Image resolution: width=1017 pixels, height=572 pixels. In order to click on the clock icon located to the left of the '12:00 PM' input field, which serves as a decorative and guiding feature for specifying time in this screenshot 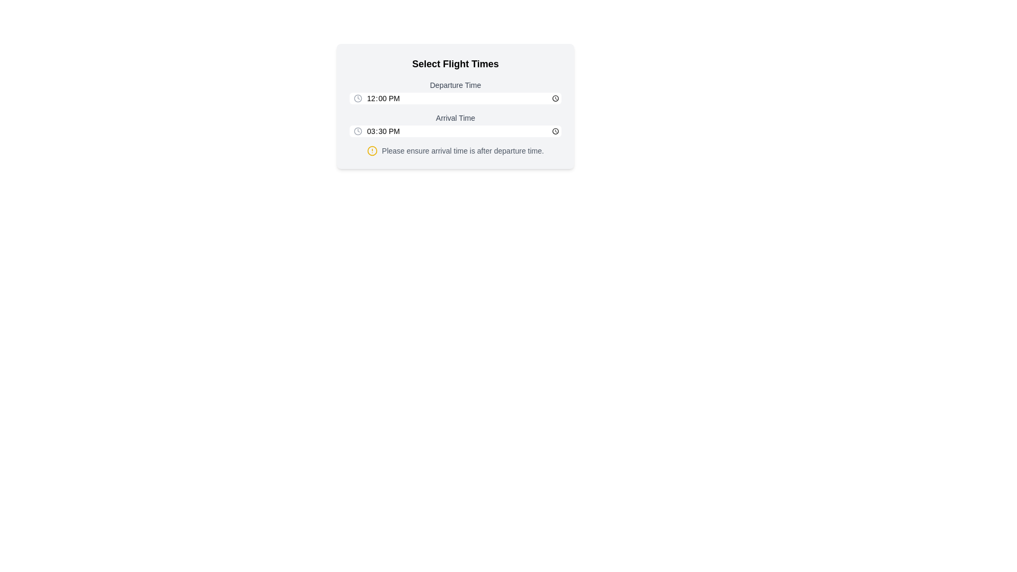, I will do `click(358, 98)`.